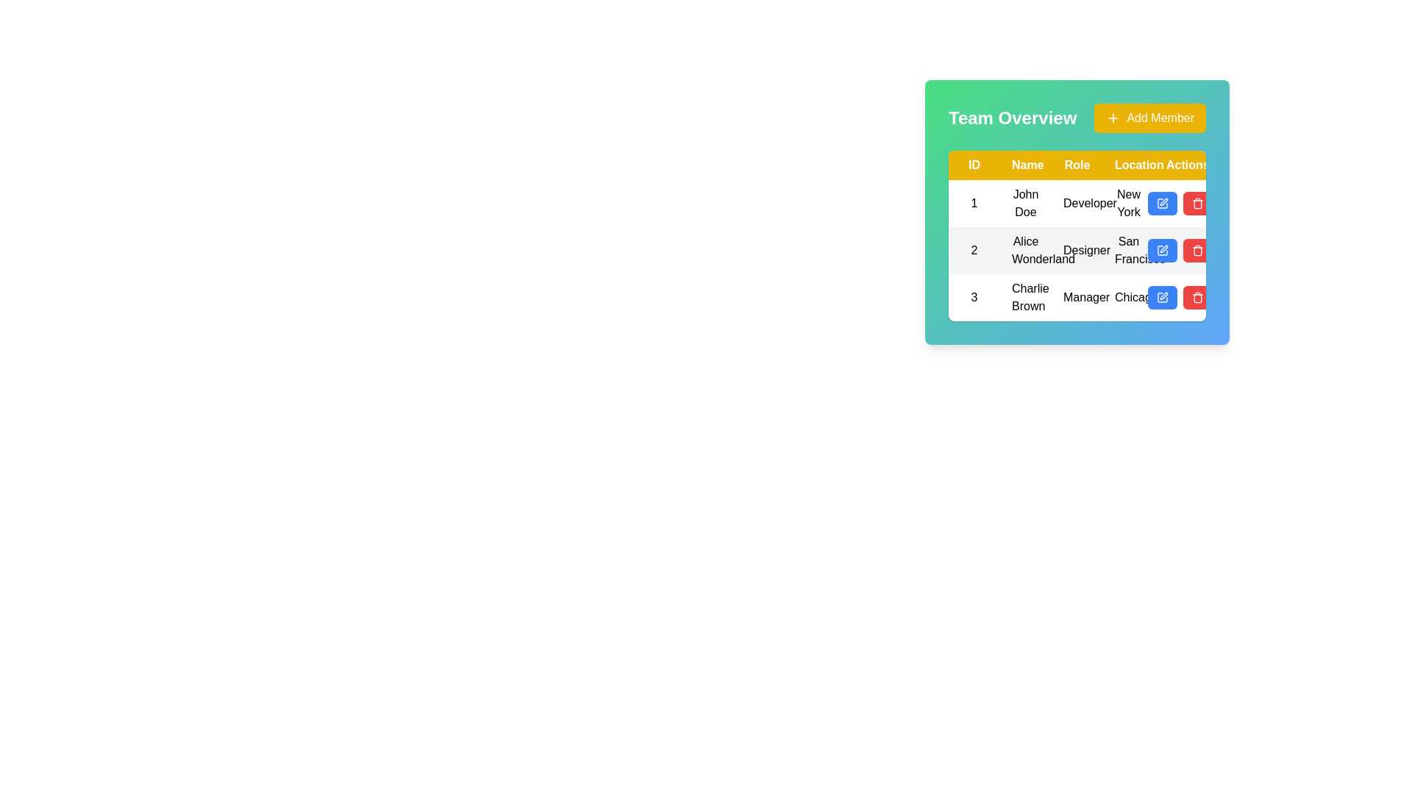  What do you see at coordinates (1180, 165) in the screenshot?
I see `the last column title in the table header, which is labeled for action-related controls or information` at bounding box center [1180, 165].